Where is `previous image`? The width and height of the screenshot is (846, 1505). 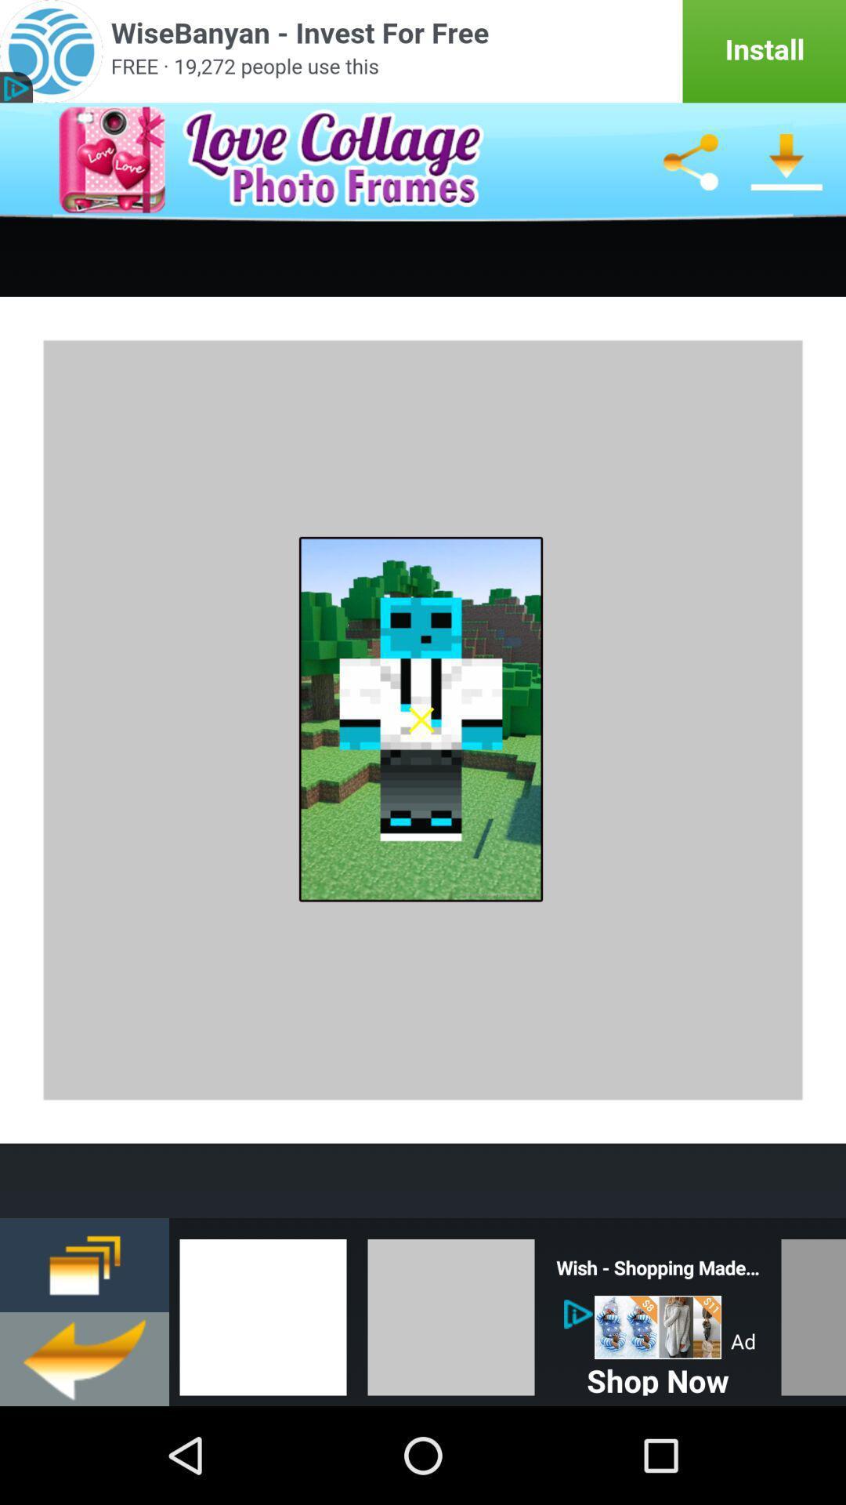
previous image is located at coordinates (262, 1312).